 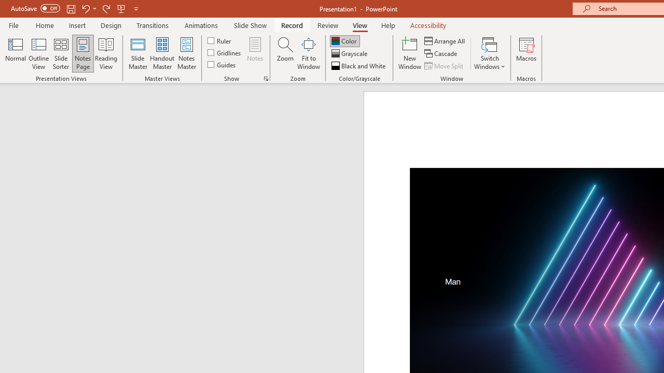 What do you see at coordinates (409, 53) in the screenshot?
I see `'New Window'` at bounding box center [409, 53].